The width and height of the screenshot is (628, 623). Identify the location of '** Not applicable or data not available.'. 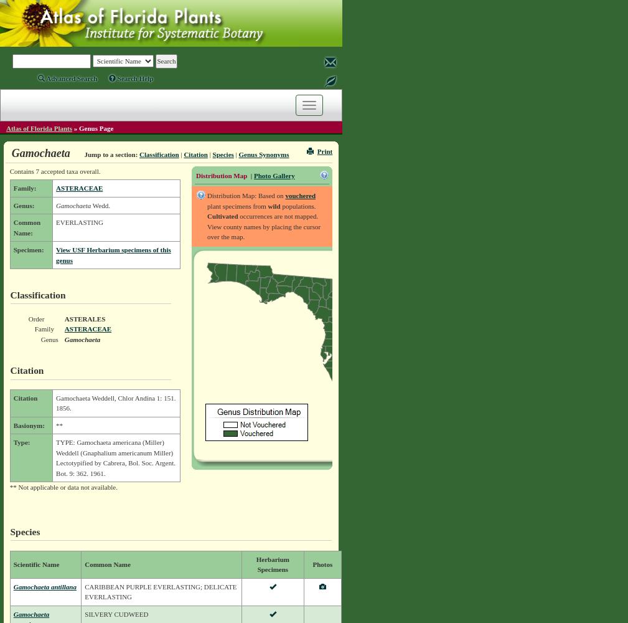
(9, 487).